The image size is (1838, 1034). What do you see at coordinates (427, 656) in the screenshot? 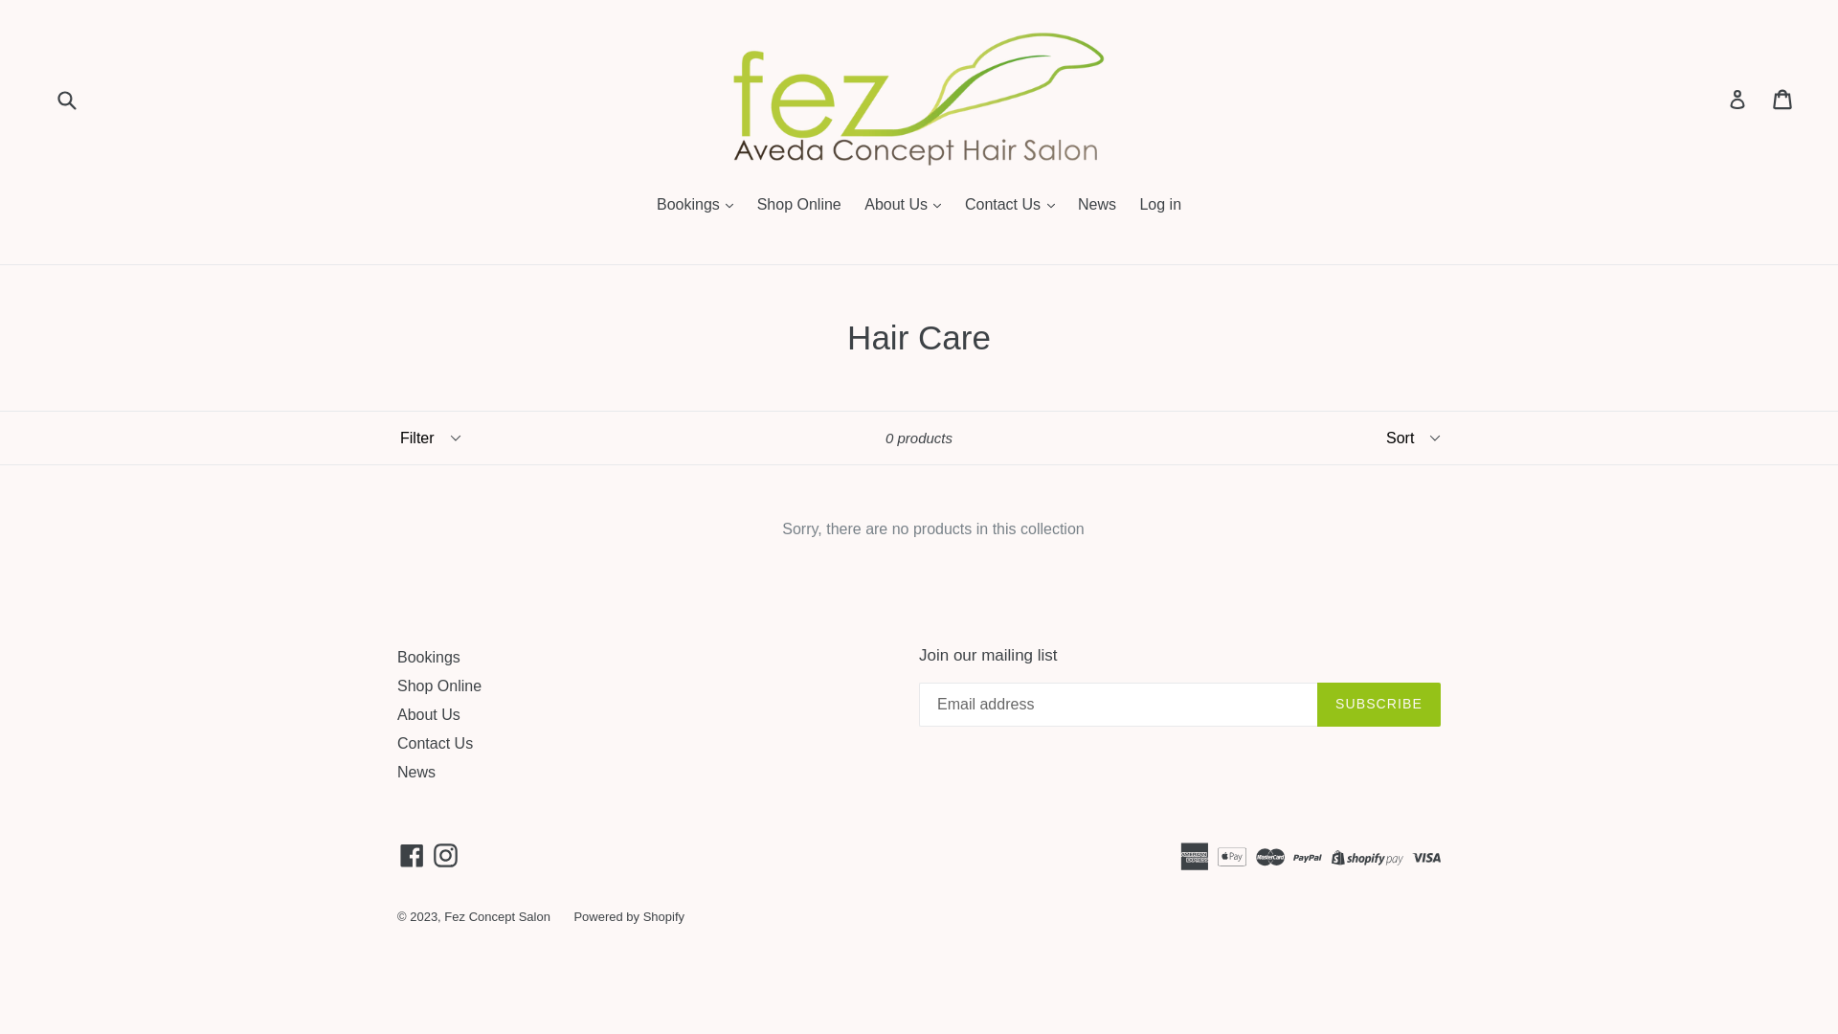
I see `'Bookings'` at bounding box center [427, 656].